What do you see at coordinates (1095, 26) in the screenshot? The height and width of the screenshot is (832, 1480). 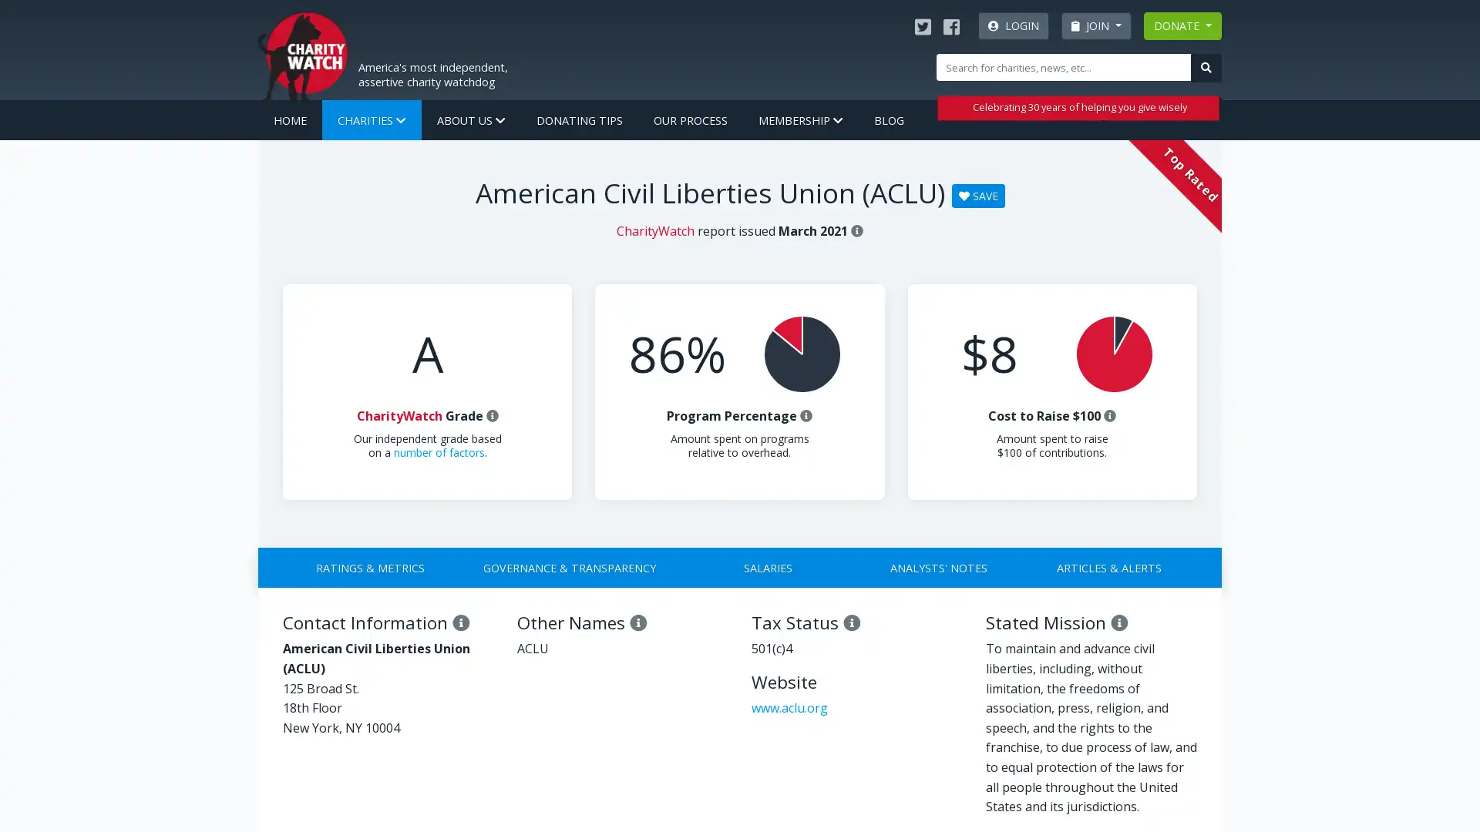 I see `JOIN` at bounding box center [1095, 26].